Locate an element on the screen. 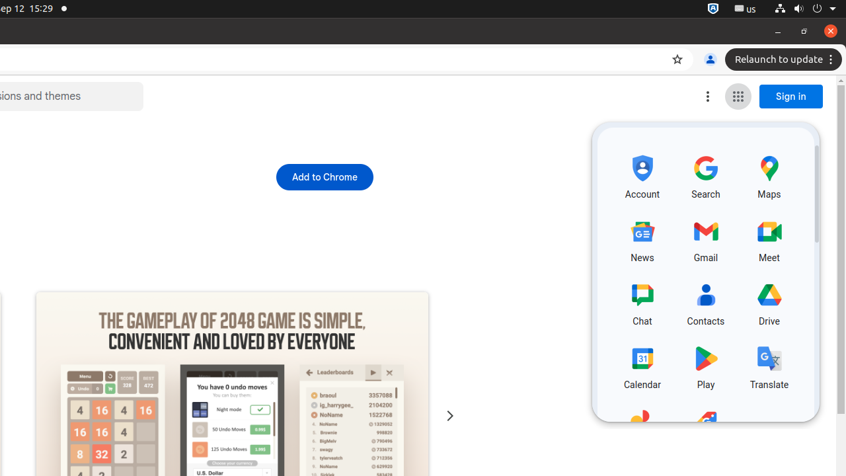  'More options menu' is located at coordinates (707, 96).